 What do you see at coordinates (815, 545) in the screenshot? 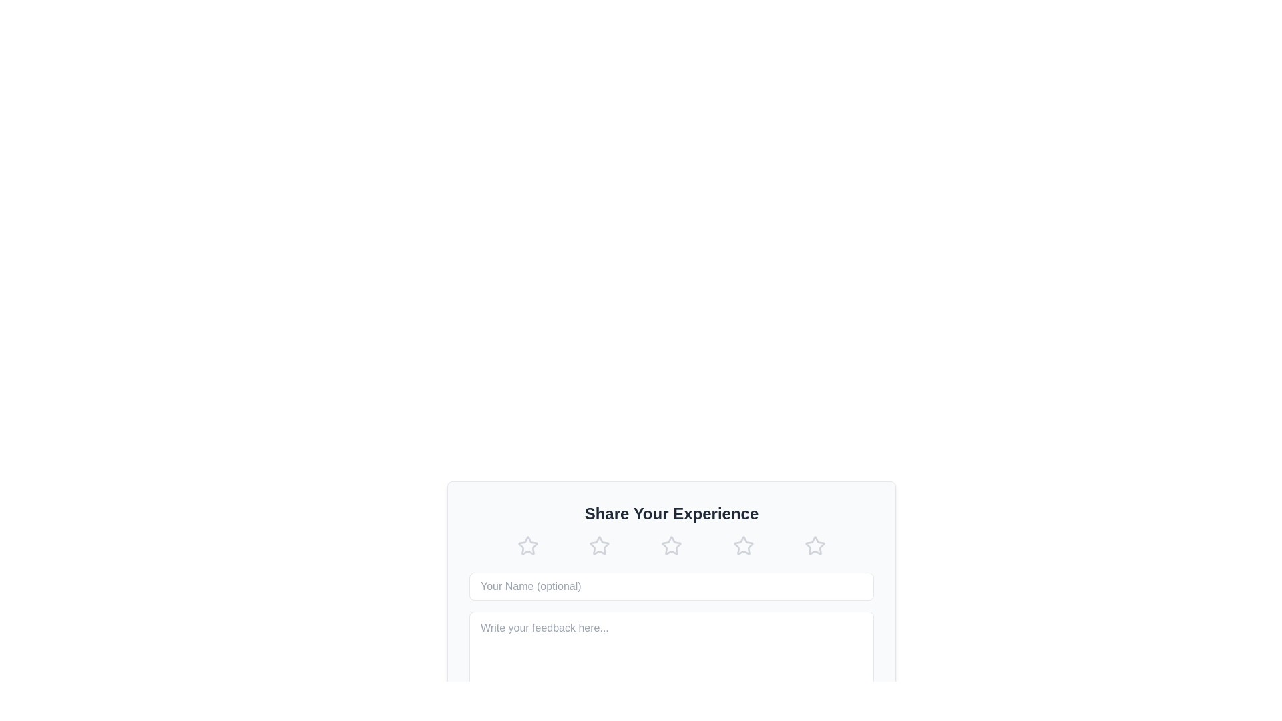
I see `the fifth hollow rating star icon, which is outlined in light gray` at bounding box center [815, 545].